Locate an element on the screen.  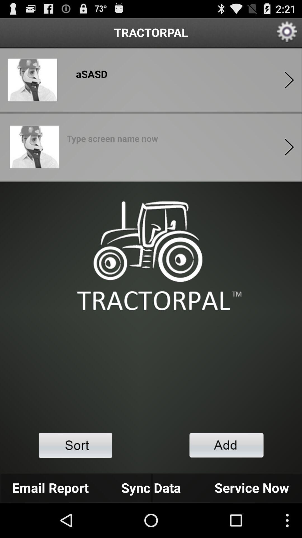
click on next is located at coordinates (289, 147).